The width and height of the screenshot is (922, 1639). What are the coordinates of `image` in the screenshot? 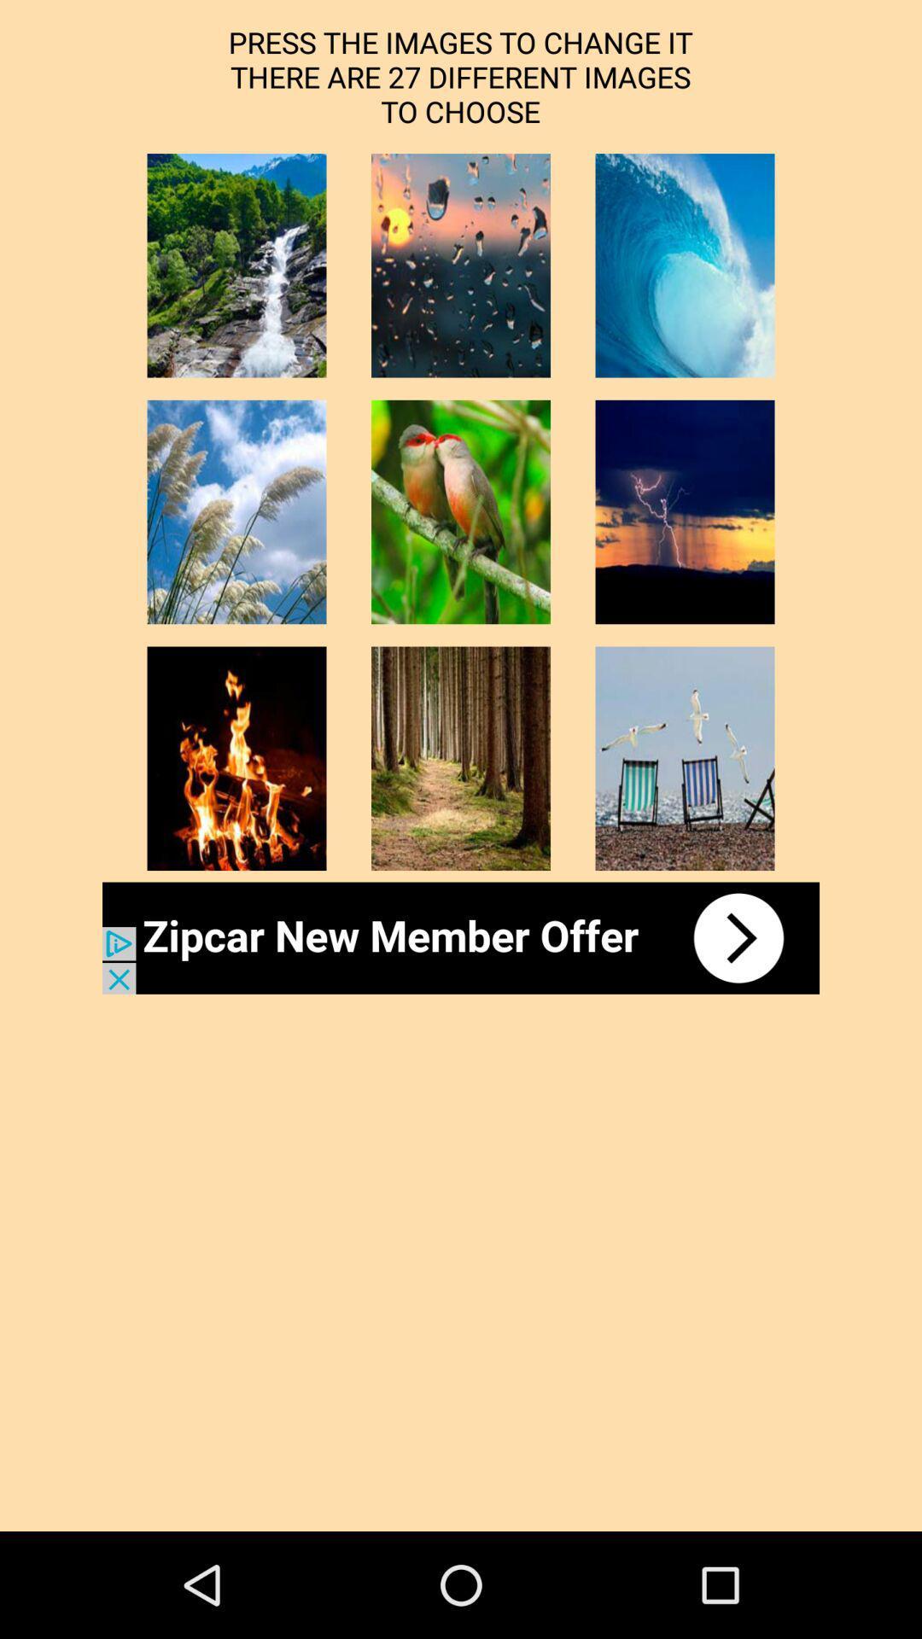 It's located at (684, 757).